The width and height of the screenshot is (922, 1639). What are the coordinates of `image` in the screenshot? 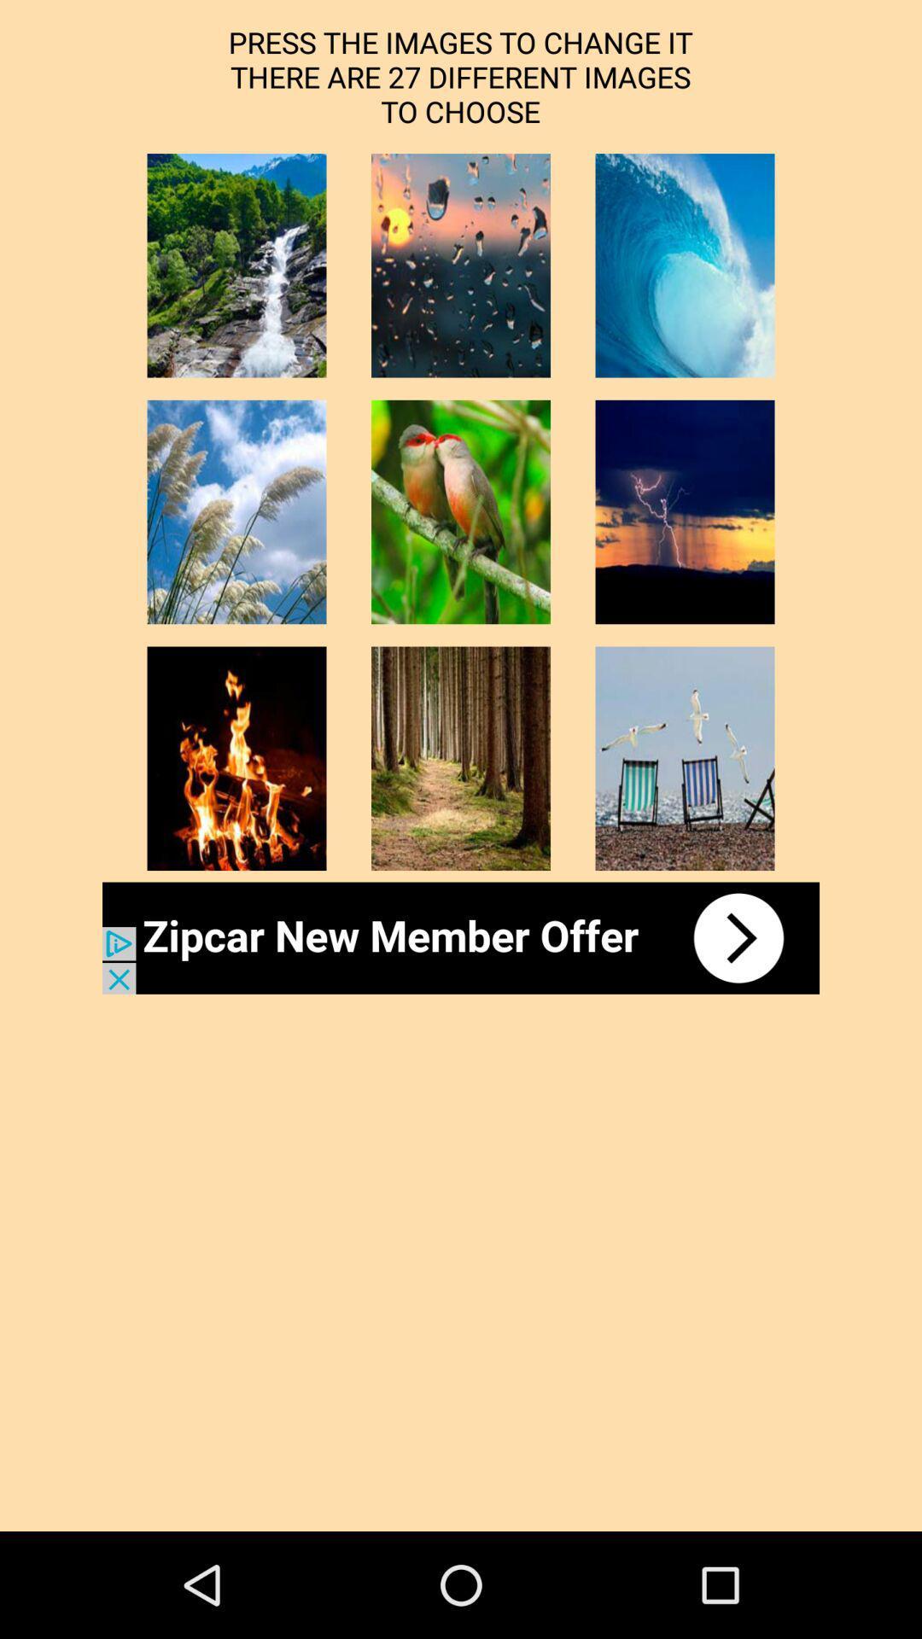 It's located at (684, 757).